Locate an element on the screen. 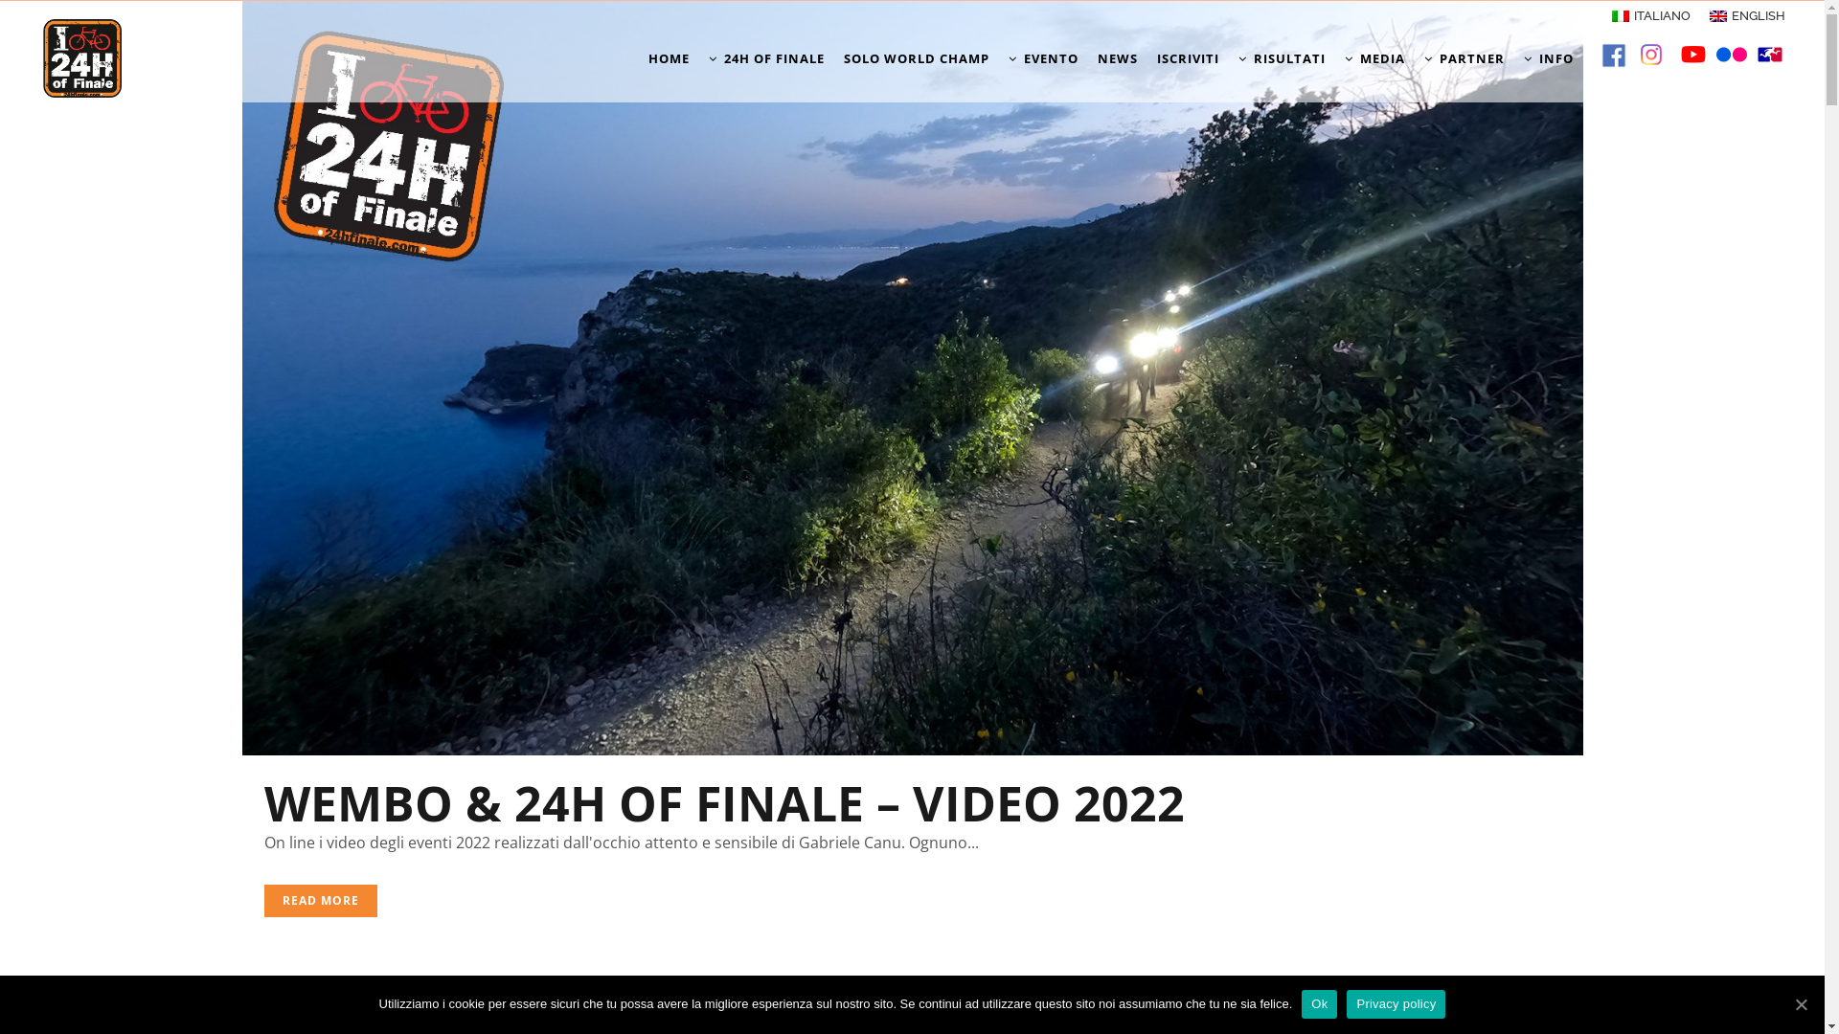 The width and height of the screenshot is (1839, 1034). 'SOLO WORLD CHAMP' is located at coordinates (915, 57).